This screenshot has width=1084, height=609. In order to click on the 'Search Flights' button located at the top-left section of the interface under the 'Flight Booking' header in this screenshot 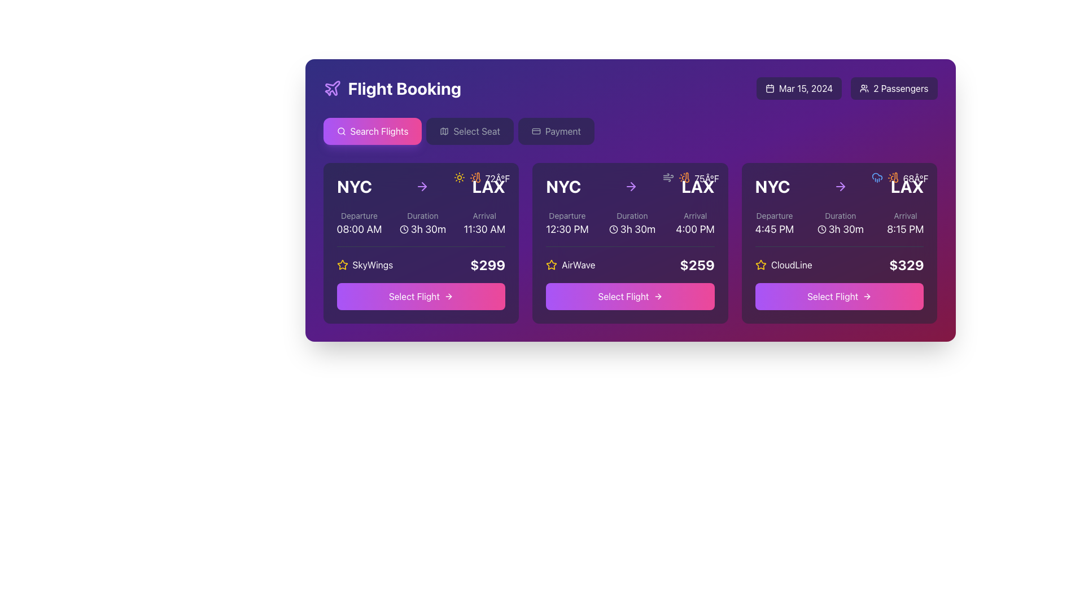, I will do `click(372, 130)`.